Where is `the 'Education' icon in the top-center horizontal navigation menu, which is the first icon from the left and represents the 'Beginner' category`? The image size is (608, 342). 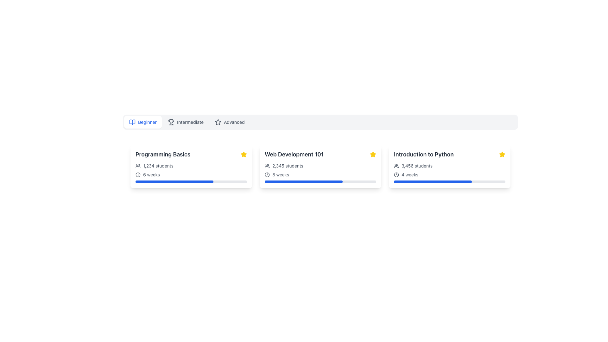
the 'Education' icon in the top-center horizontal navigation menu, which is the first icon from the left and represents the 'Beginner' category is located at coordinates (132, 122).